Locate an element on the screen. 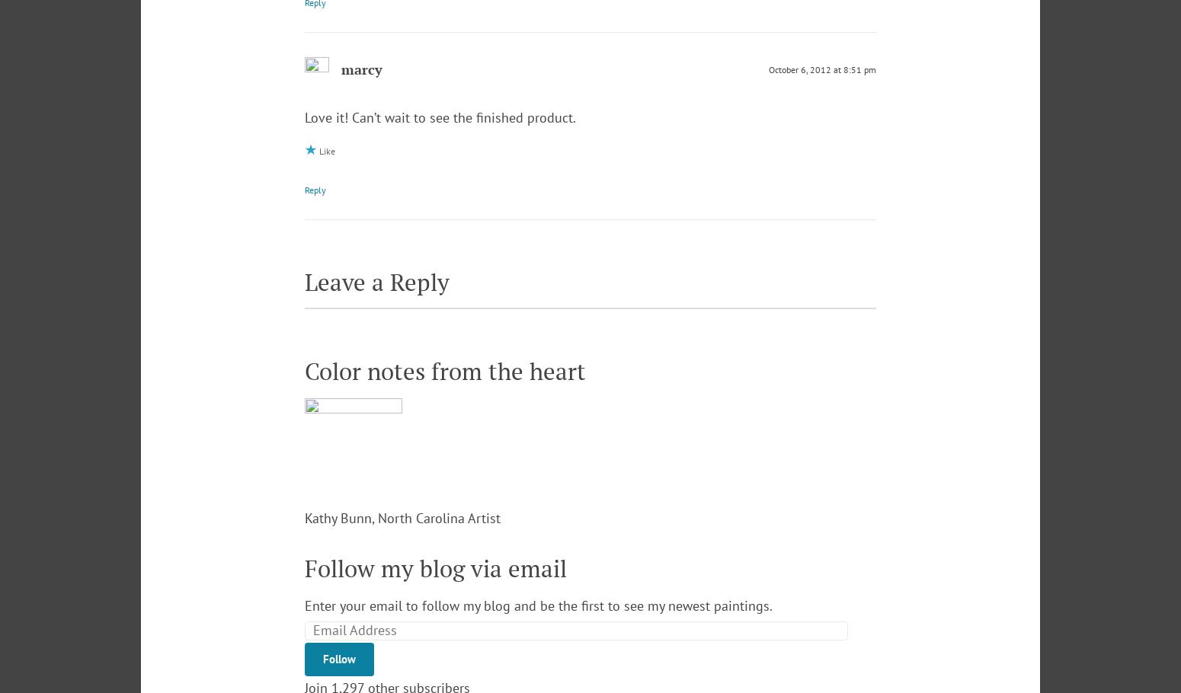 The width and height of the screenshot is (1181, 693). 'Kathy Bunn, North Carolina Artist' is located at coordinates (402, 643).